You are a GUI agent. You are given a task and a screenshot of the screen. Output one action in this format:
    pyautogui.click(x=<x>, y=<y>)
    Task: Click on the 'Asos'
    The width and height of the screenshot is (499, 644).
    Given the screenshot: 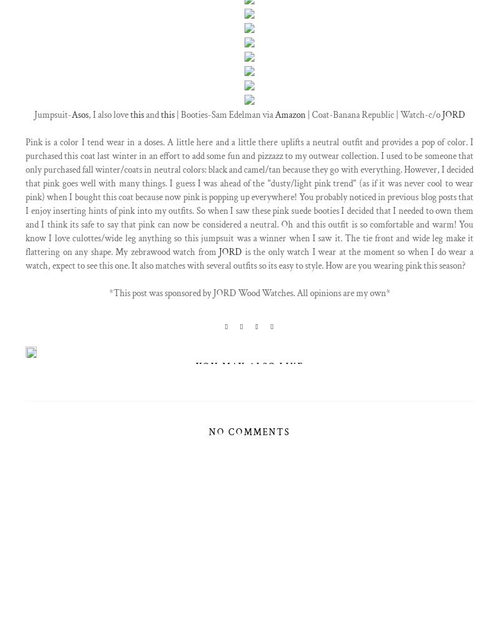 What is the action you would take?
    pyautogui.click(x=79, y=113)
    